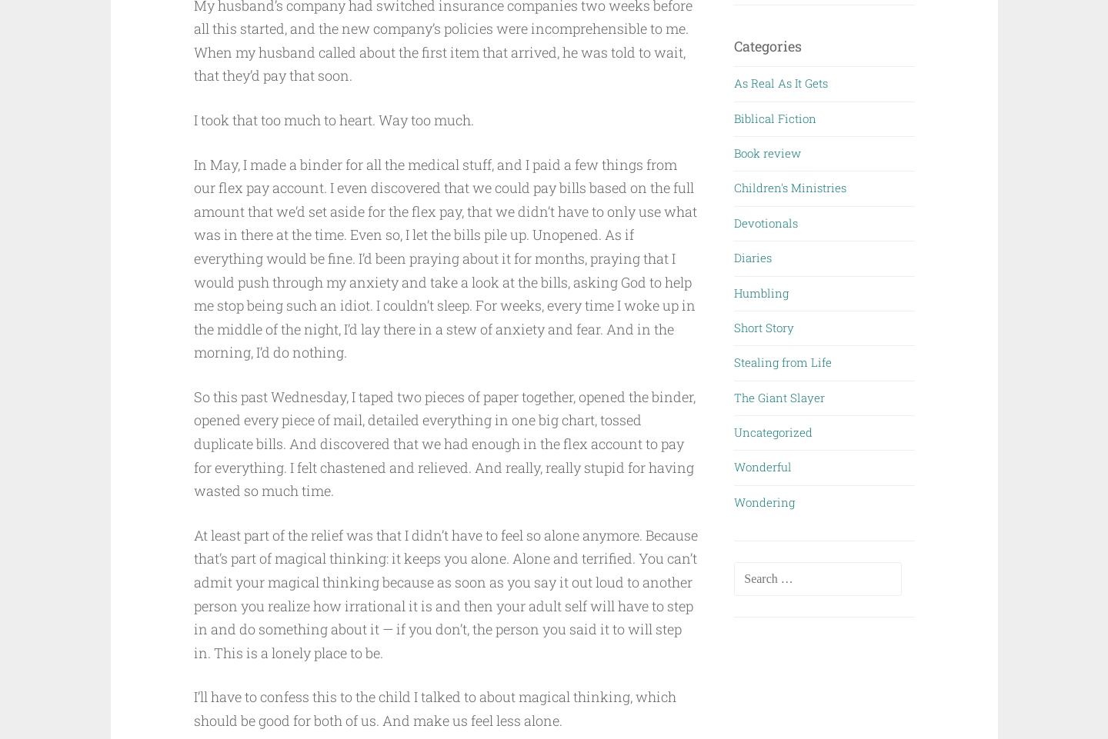  I want to click on 'Biblical Fiction', so click(734, 116).